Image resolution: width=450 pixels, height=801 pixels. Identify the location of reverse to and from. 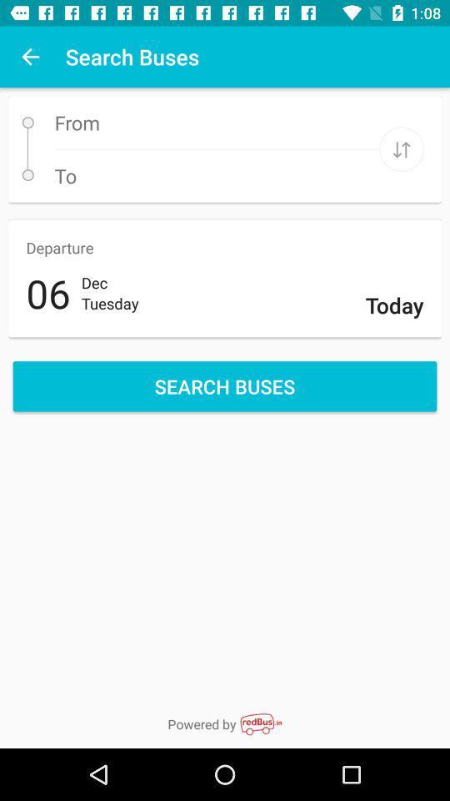
(401, 149).